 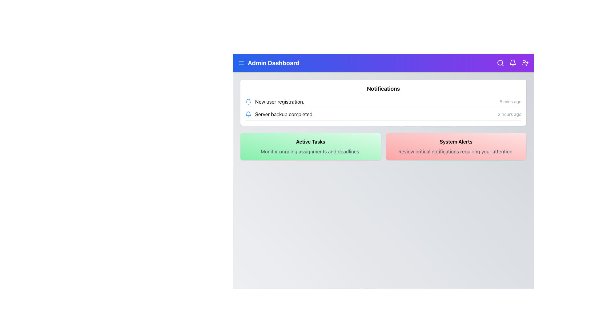 I want to click on the second notification entry in the notification list that informs the user about completed server backup operations, located below the 'New user registration.' notification and to the right of the bell icon, so click(x=284, y=114).